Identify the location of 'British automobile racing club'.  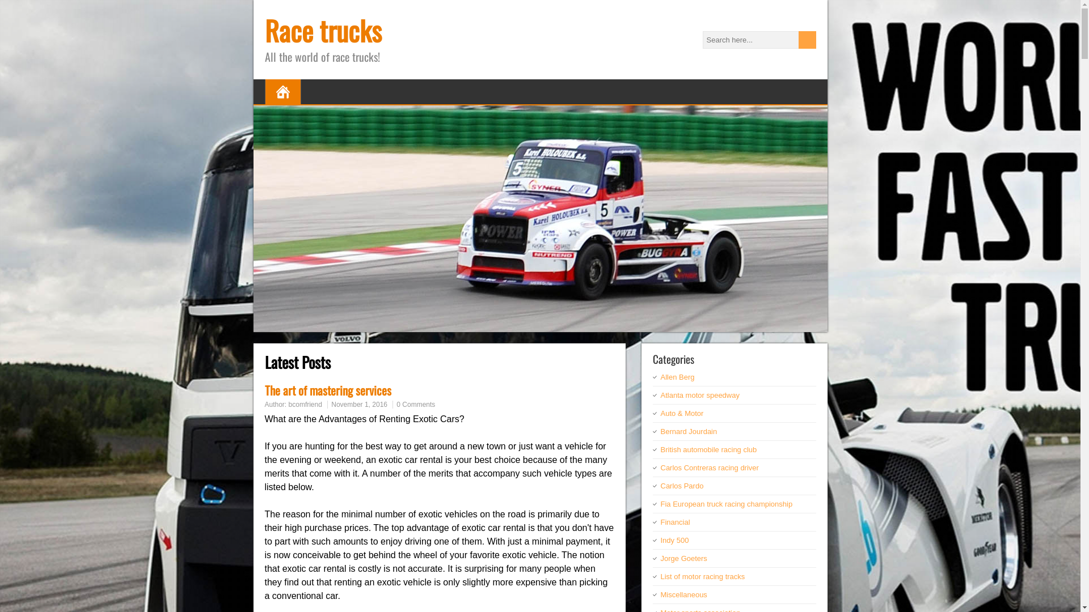
(707, 449).